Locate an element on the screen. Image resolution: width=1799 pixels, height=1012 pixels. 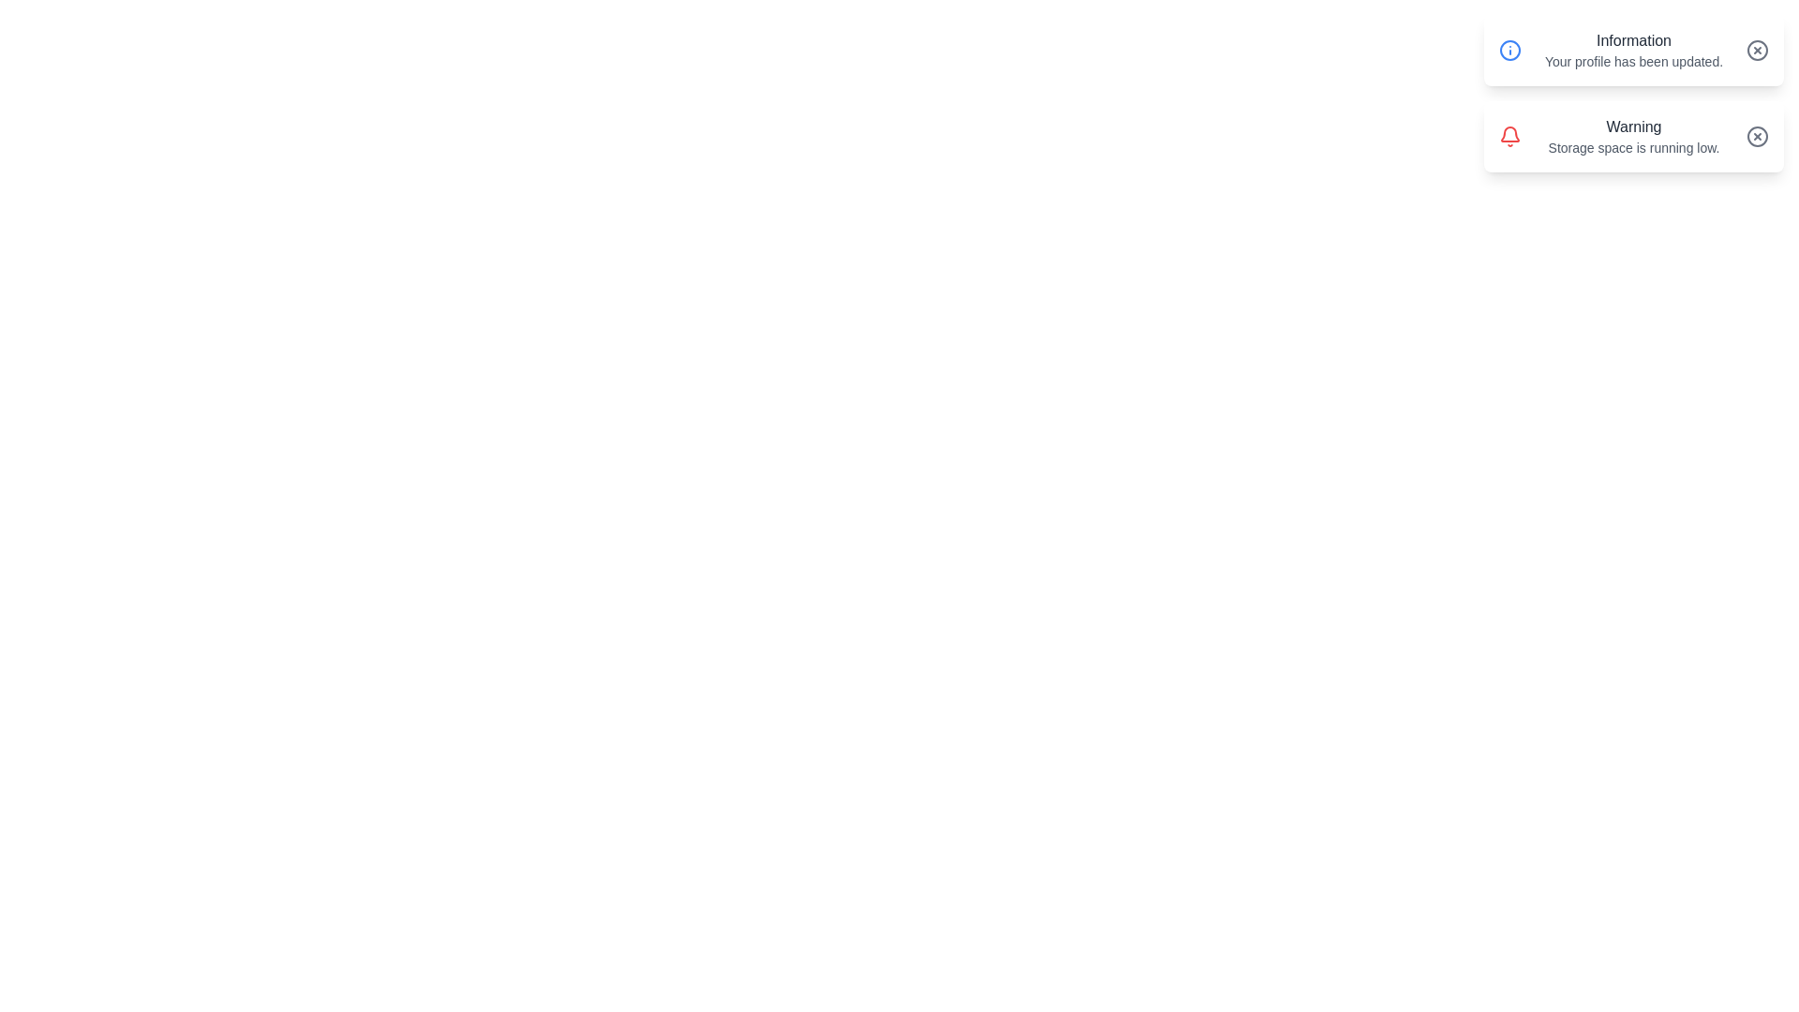
the Text Display element that shows 'Information' and 'Your profile has been updated.' is located at coordinates (1632, 50).